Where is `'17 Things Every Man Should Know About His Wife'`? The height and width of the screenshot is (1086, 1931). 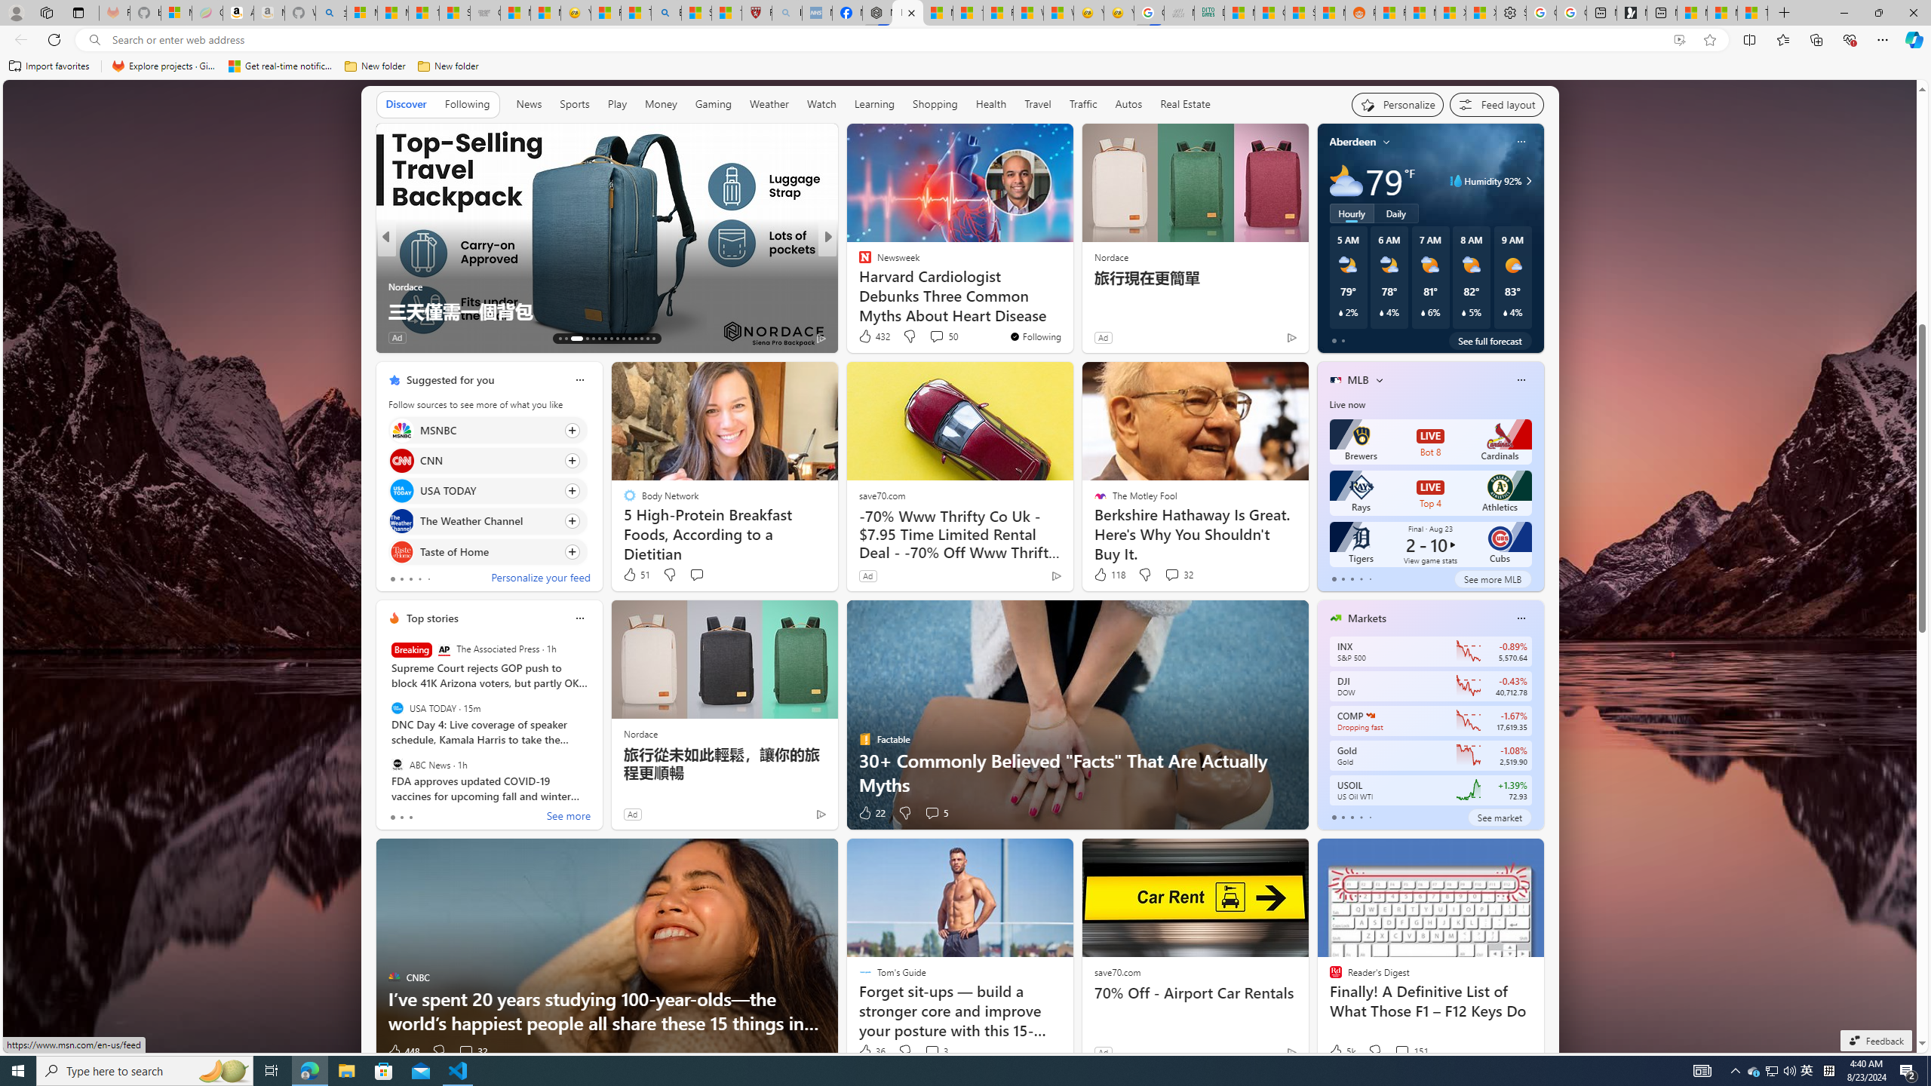 '17 Things Every Man Should Know About His Wife' is located at coordinates (1070, 309).